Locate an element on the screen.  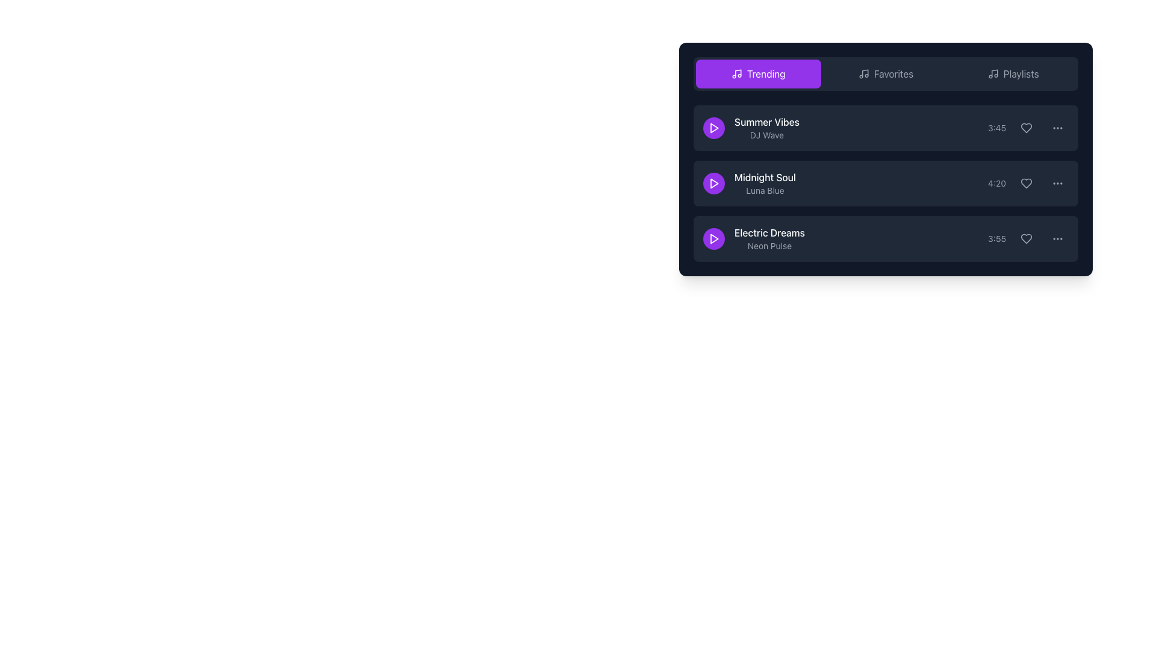
the text label displaying the title and artist of a song in the 'Trending' section to interact with the song is located at coordinates (766, 128).